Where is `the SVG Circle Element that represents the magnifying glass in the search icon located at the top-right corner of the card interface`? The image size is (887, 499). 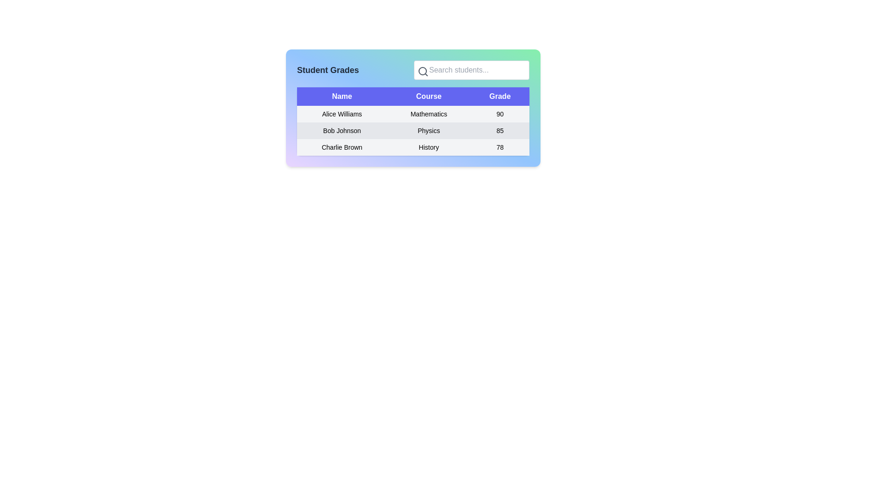 the SVG Circle Element that represents the magnifying glass in the search icon located at the top-right corner of the card interface is located at coordinates (422, 71).